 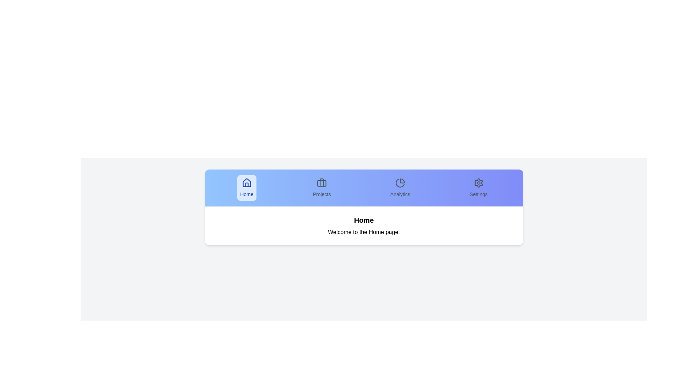 I want to click on the tab labeled Analytics to switch to that tab, so click(x=400, y=187).